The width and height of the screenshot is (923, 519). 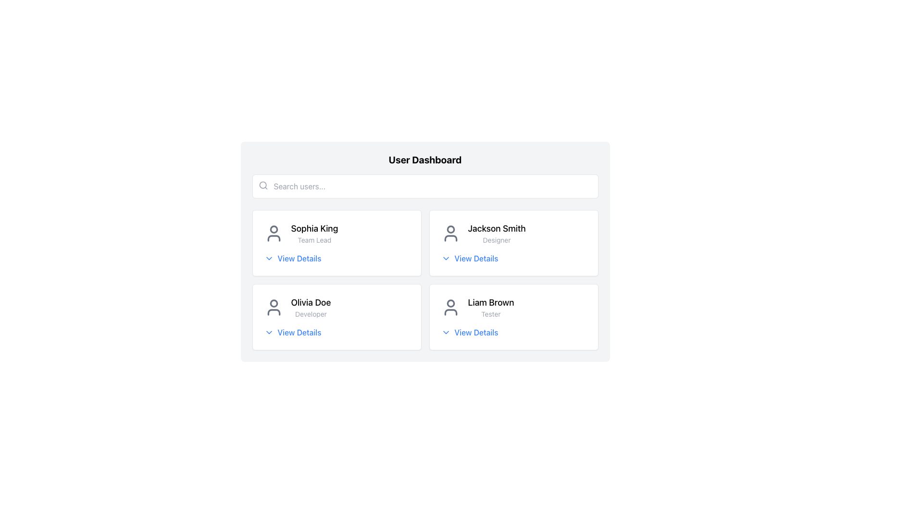 I want to click on the 'Team Lead' text label displayed in light gray color, located below 'Sophia King' in the user's profile card on the dashboard interface, so click(x=314, y=240).